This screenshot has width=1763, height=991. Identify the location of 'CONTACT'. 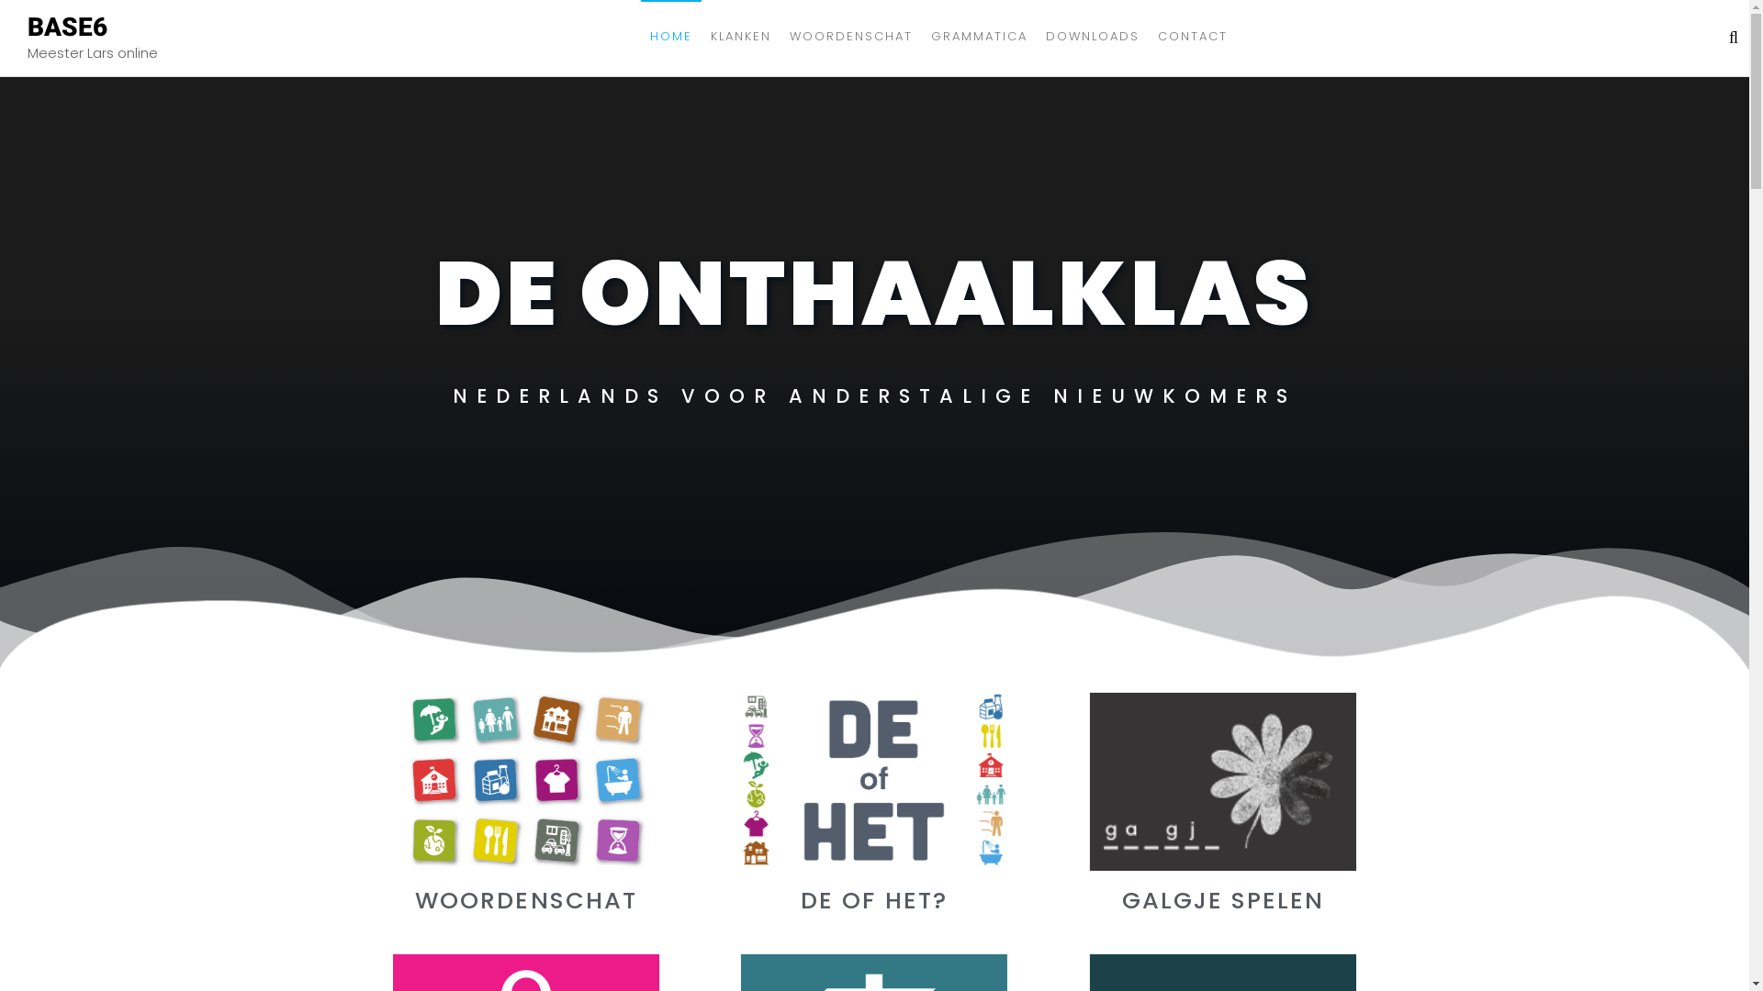
(1193, 36).